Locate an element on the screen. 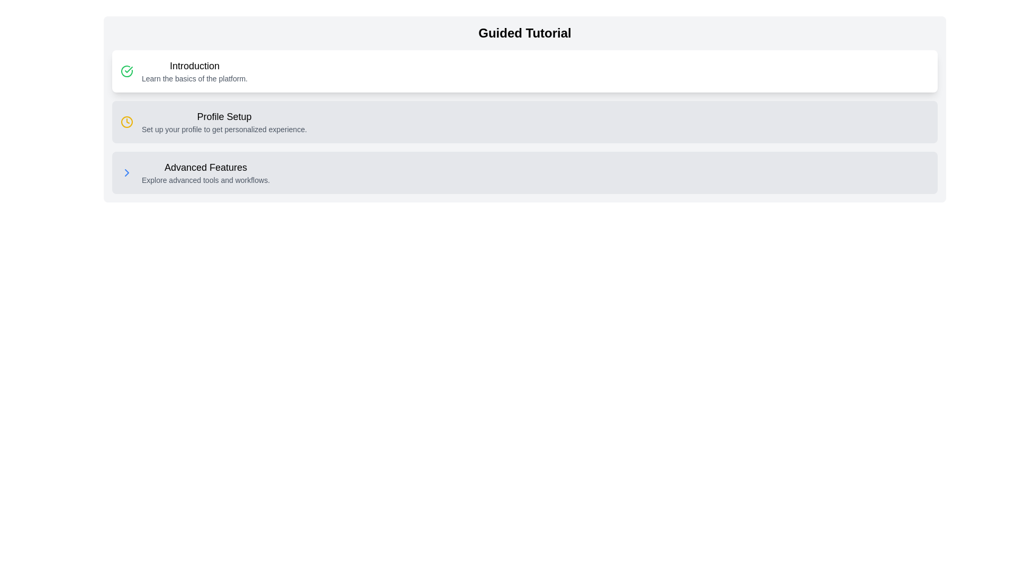  text content element labeled 'Profile Setup' which consists of a larger bold line and a smaller gray line below it, displayed in a tutorial interface is located at coordinates (224, 122).